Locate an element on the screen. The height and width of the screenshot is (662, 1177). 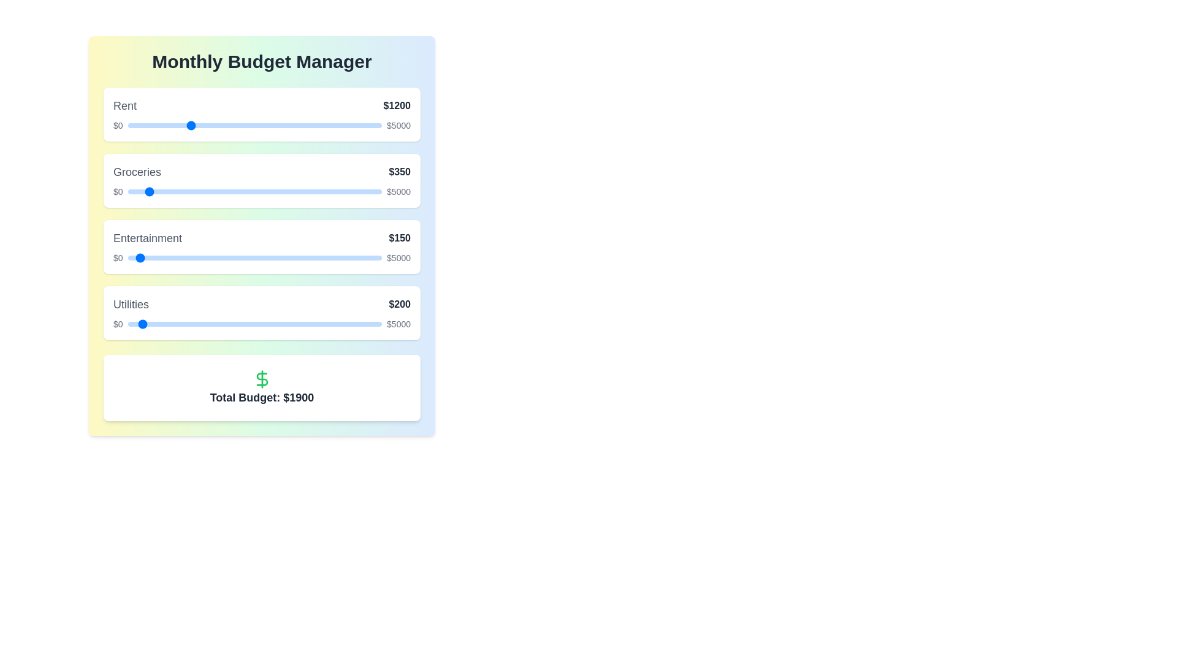
the utilities budget is located at coordinates (321, 323).